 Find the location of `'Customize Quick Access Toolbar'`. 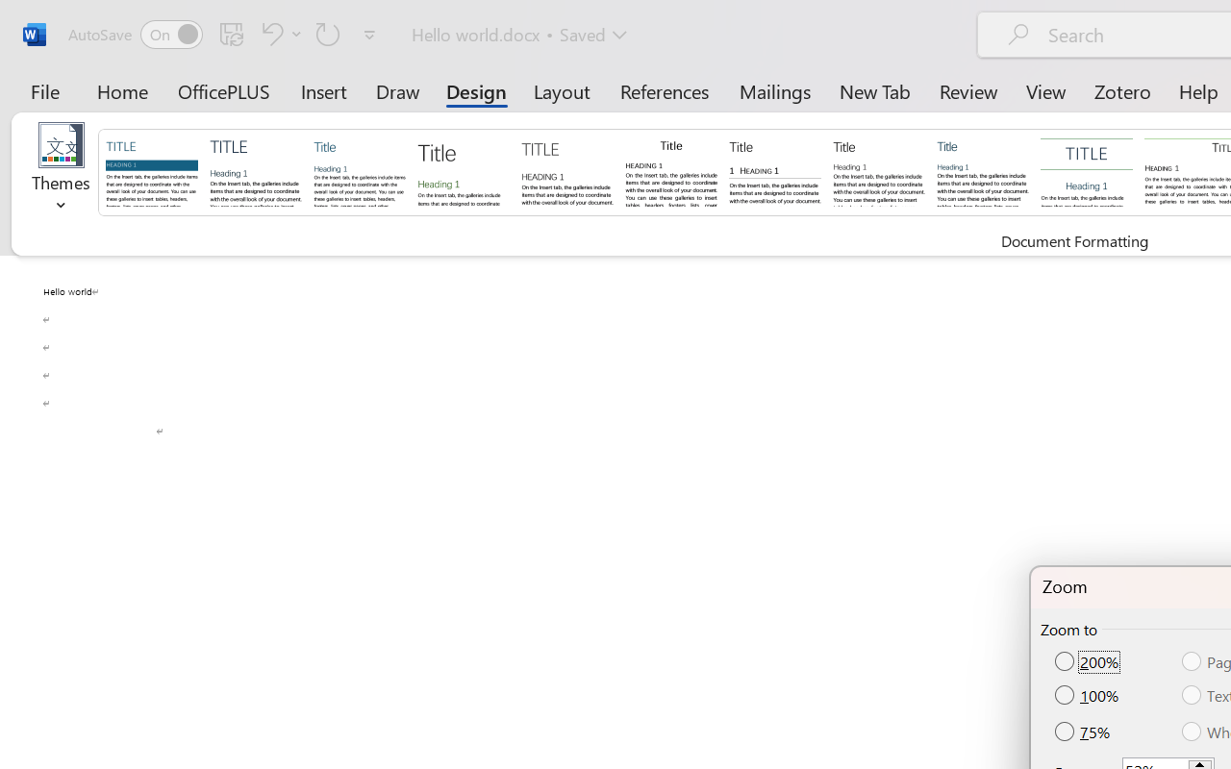

'Customize Quick Access Toolbar' is located at coordinates (369, 34).